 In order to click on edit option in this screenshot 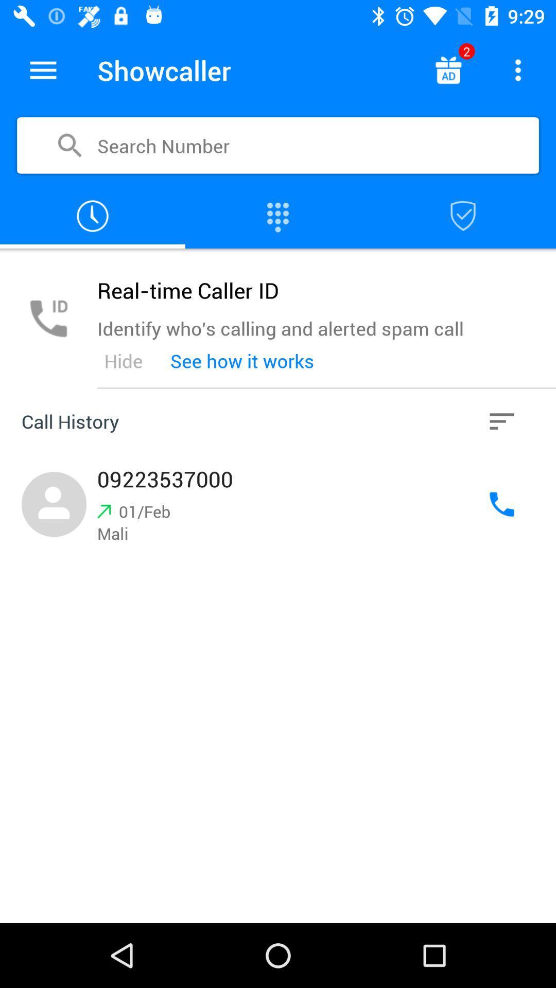, I will do `click(43, 69)`.